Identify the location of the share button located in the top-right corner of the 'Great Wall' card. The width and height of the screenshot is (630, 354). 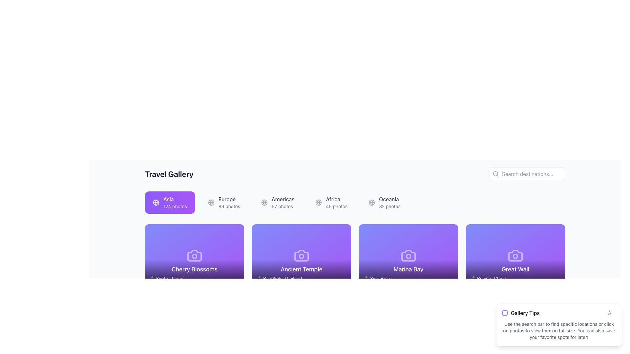
(540, 235).